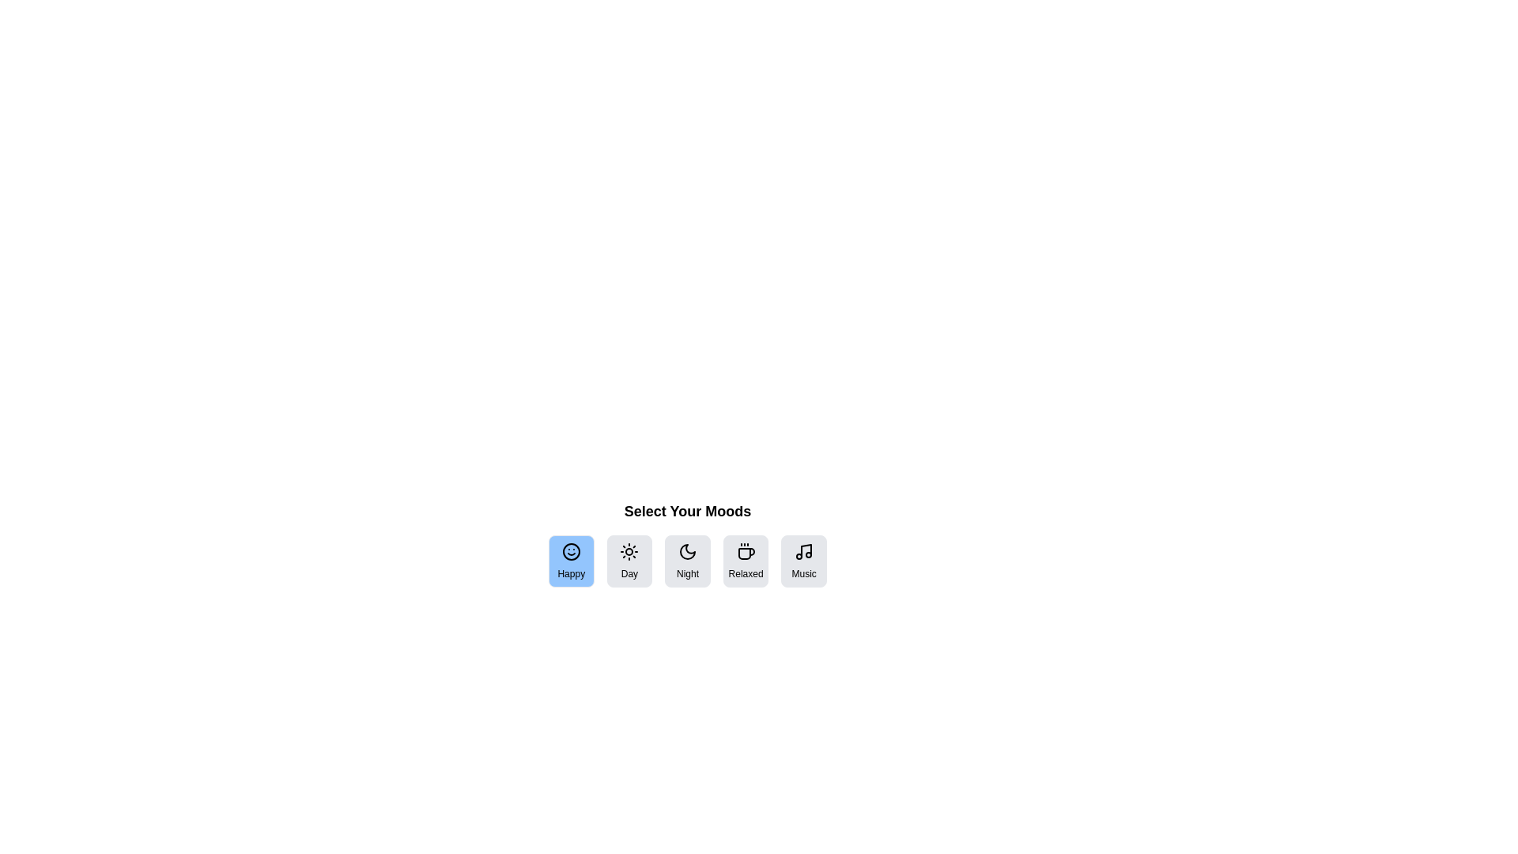  I want to click on the 'Music' button, which is a rectangular button with rounded corners and a music note icon, so click(804, 560).